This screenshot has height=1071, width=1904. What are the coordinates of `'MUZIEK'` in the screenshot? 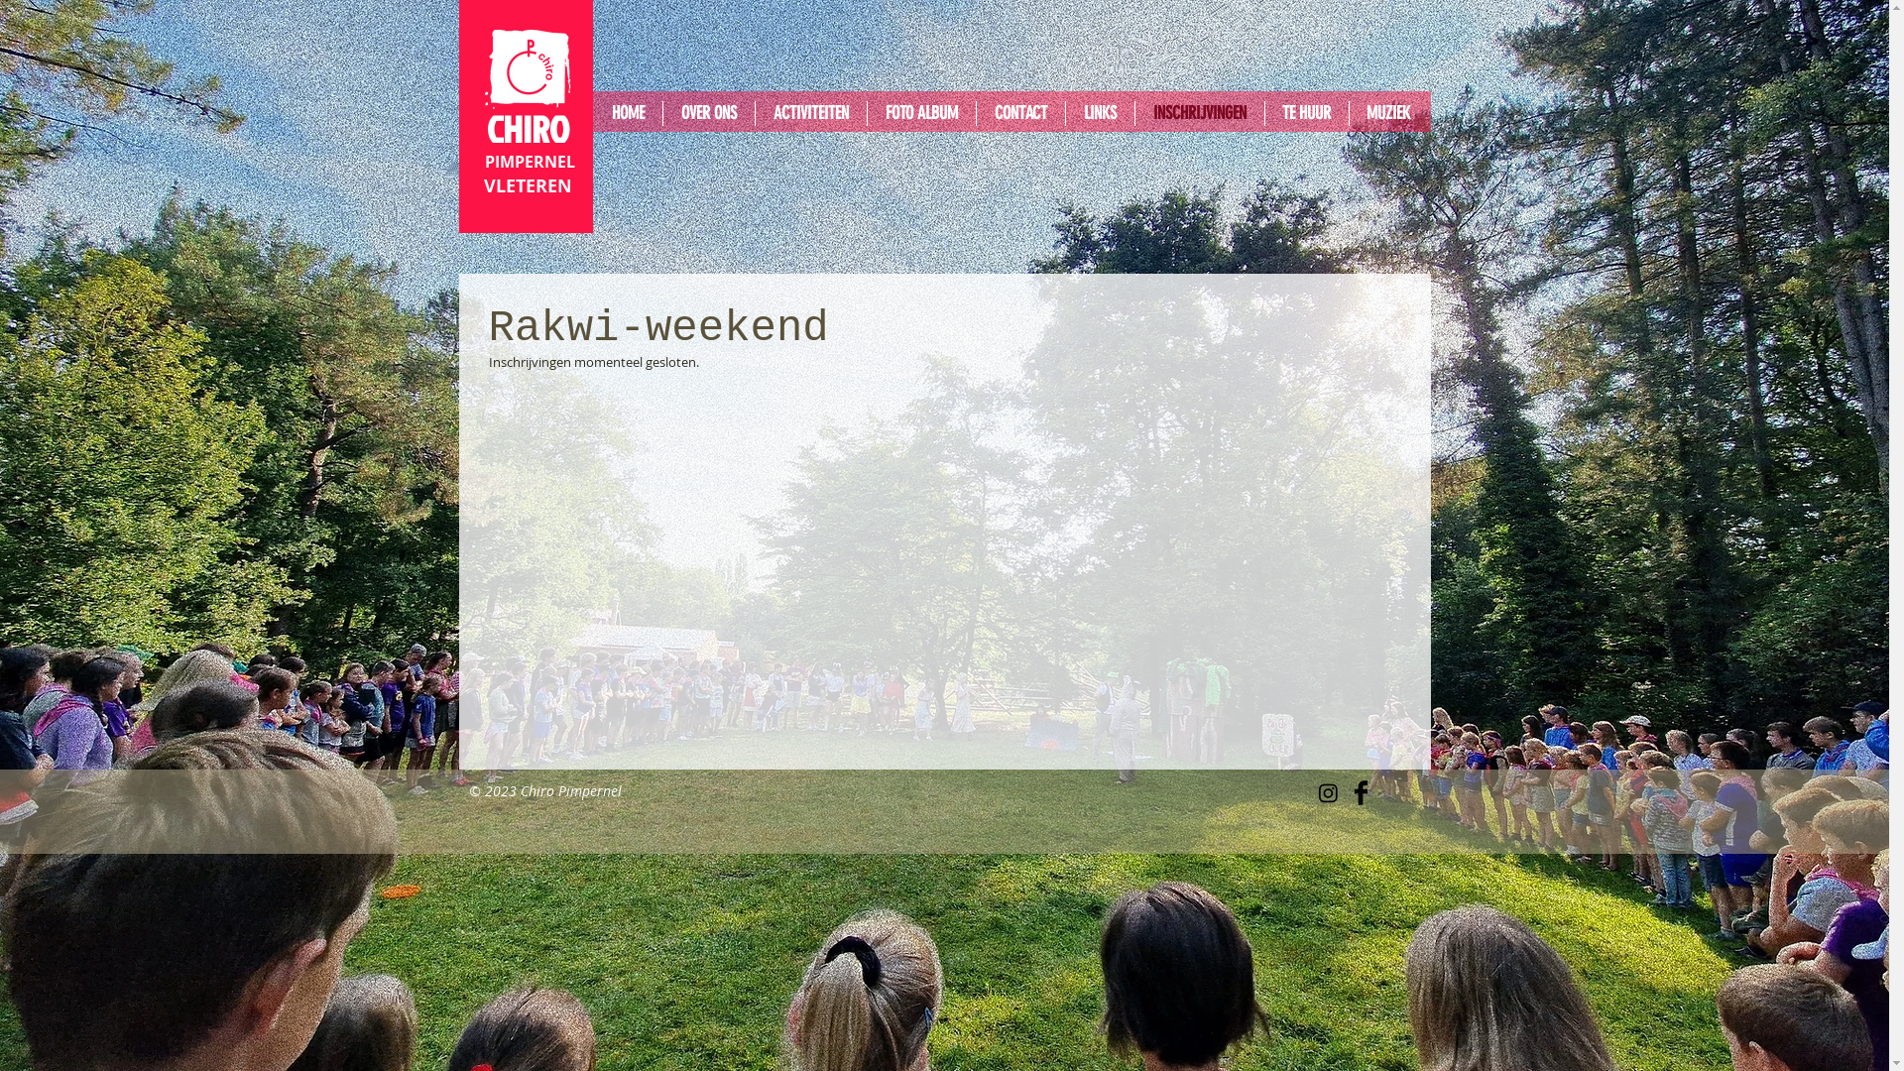 It's located at (1348, 113).